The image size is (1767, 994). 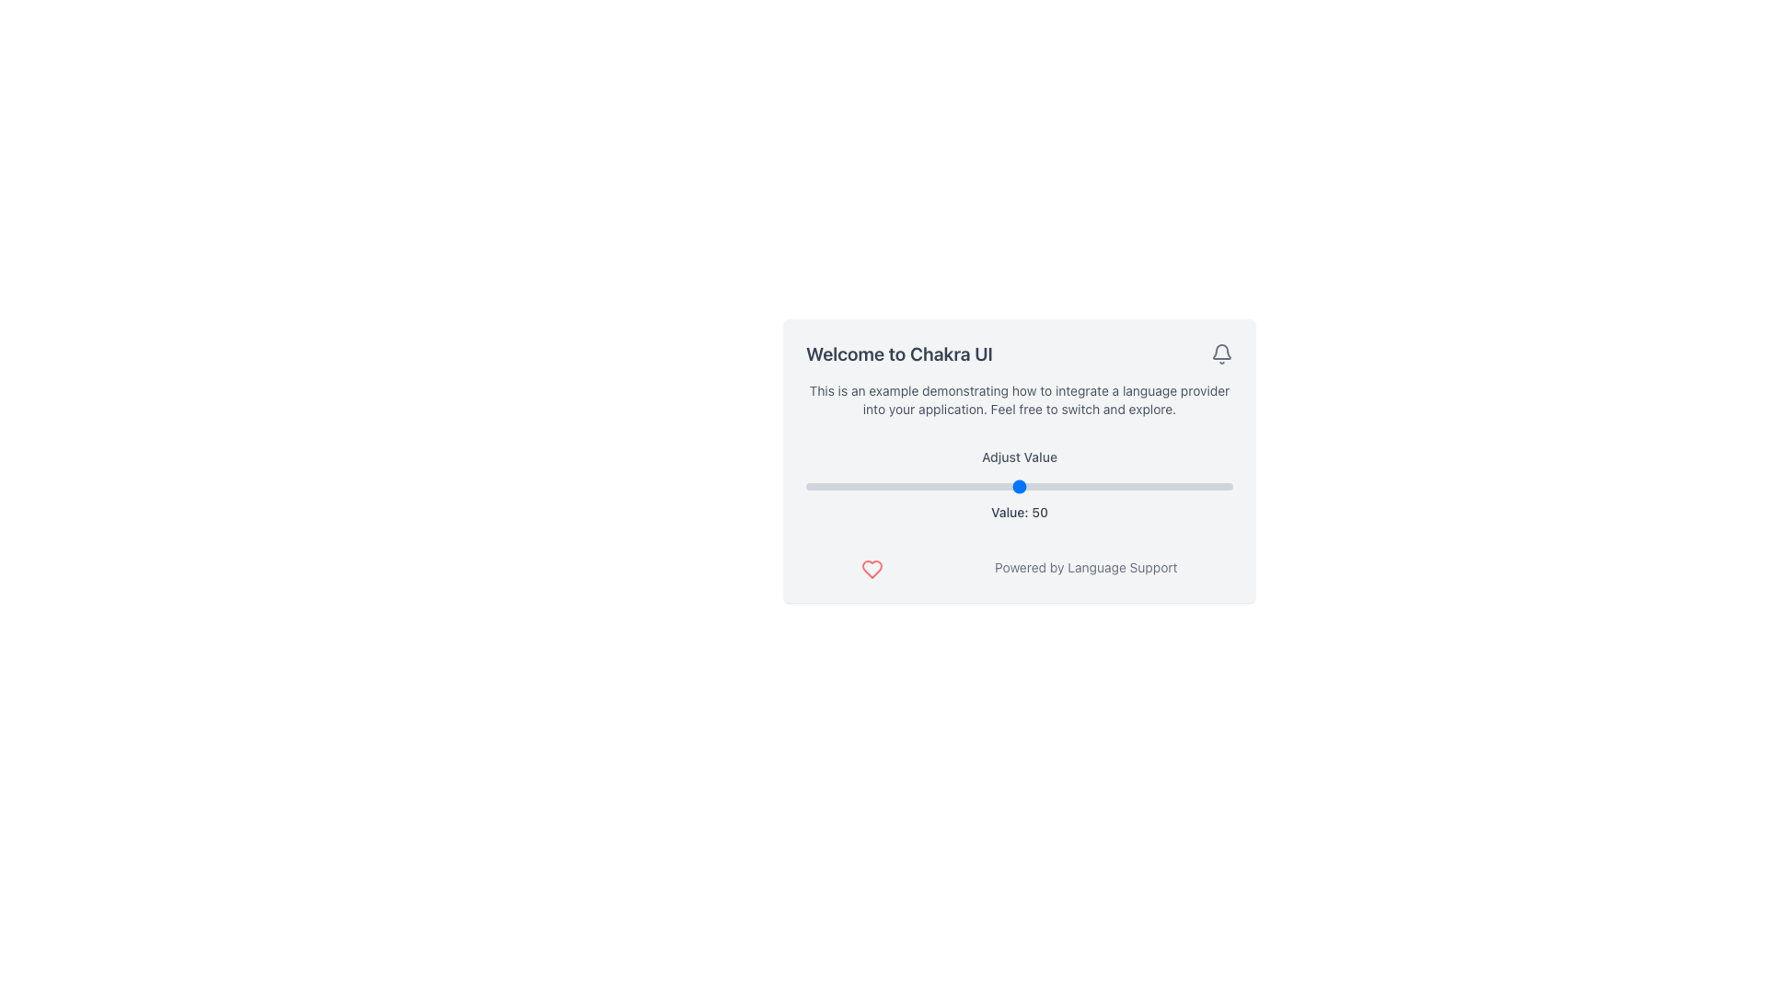 What do you see at coordinates (1163, 485) in the screenshot?
I see `the slider value` at bounding box center [1163, 485].